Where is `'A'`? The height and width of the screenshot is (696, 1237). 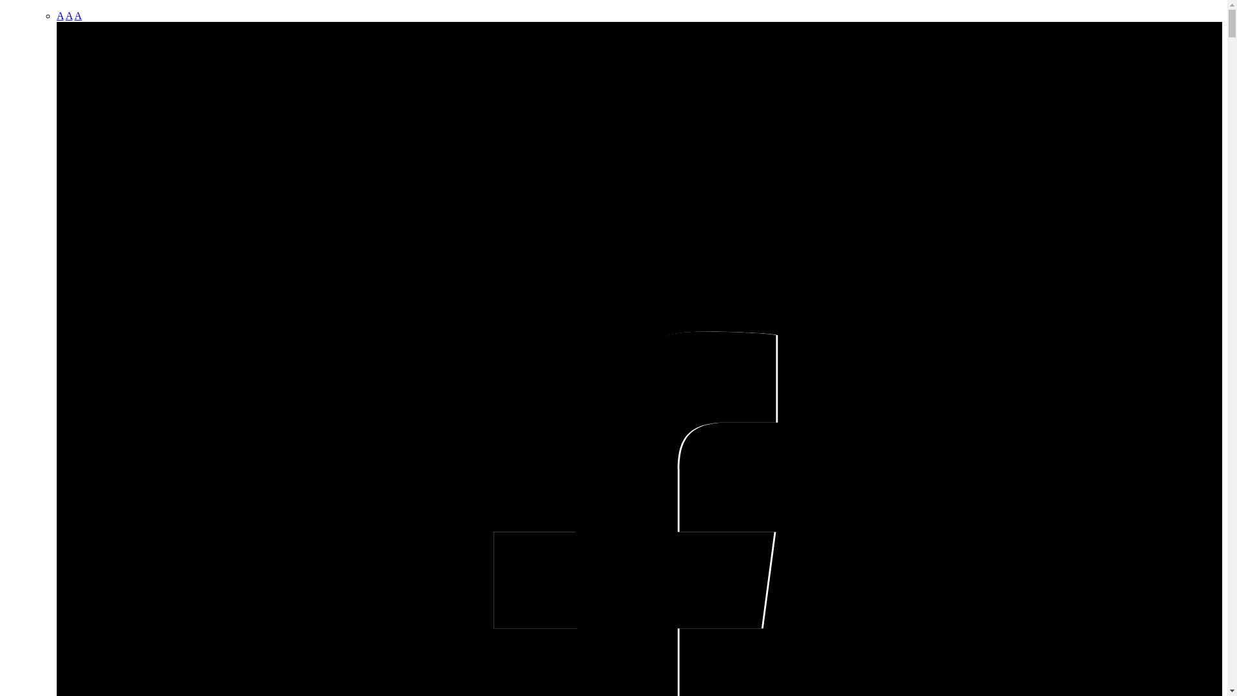 'A' is located at coordinates (55, 15).